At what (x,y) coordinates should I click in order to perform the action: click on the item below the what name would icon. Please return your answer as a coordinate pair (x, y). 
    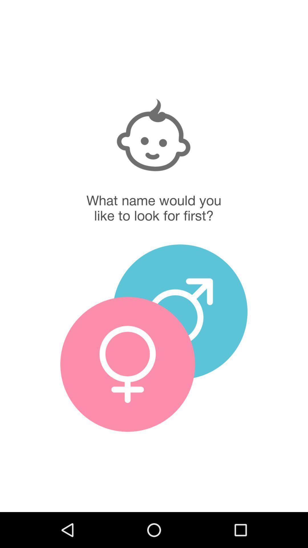
    Looking at the image, I should click on (127, 364).